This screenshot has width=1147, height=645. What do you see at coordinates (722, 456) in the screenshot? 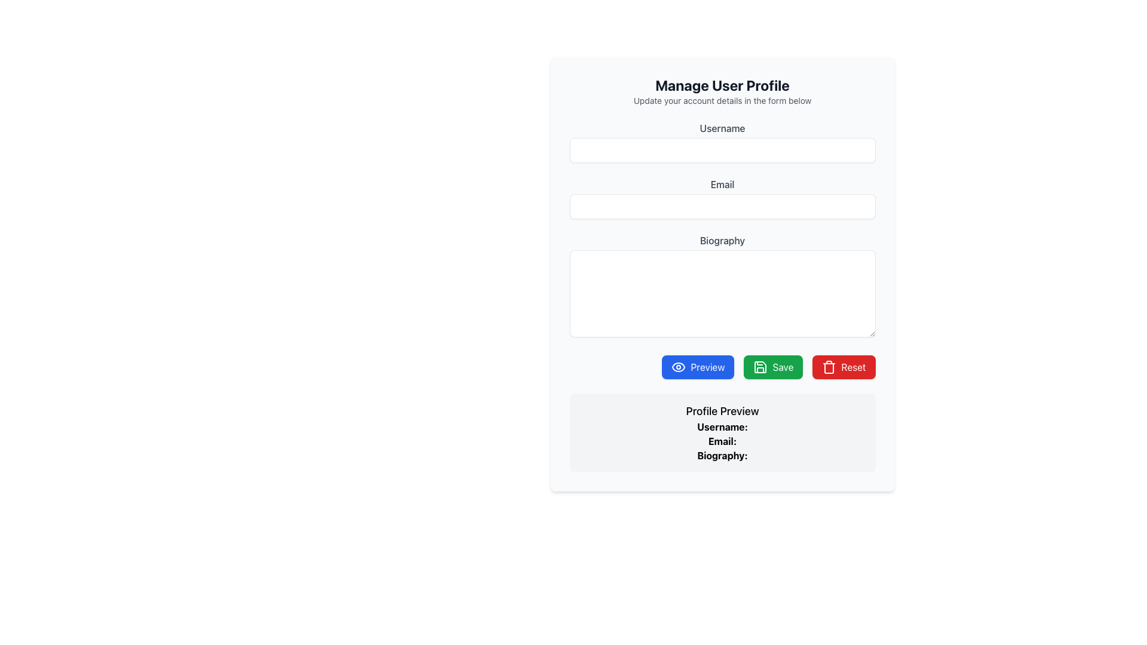
I see `the 'Biography:' label in the 'Profile Preview' section` at bounding box center [722, 456].